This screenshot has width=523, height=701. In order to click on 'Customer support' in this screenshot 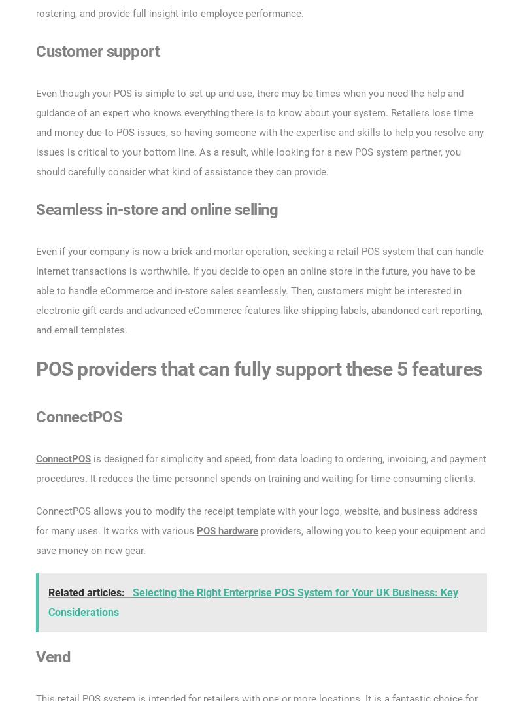, I will do `click(97, 51)`.